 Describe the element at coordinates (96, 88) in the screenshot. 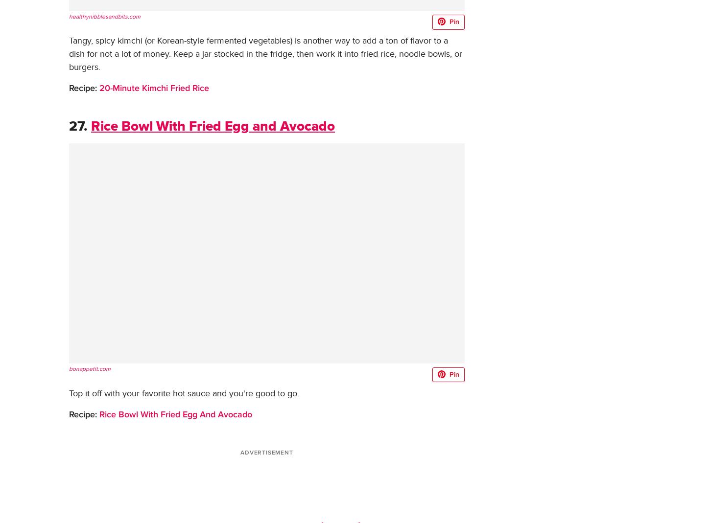

I see `'20-Minute Kimchi Fried Rice'` at that location.